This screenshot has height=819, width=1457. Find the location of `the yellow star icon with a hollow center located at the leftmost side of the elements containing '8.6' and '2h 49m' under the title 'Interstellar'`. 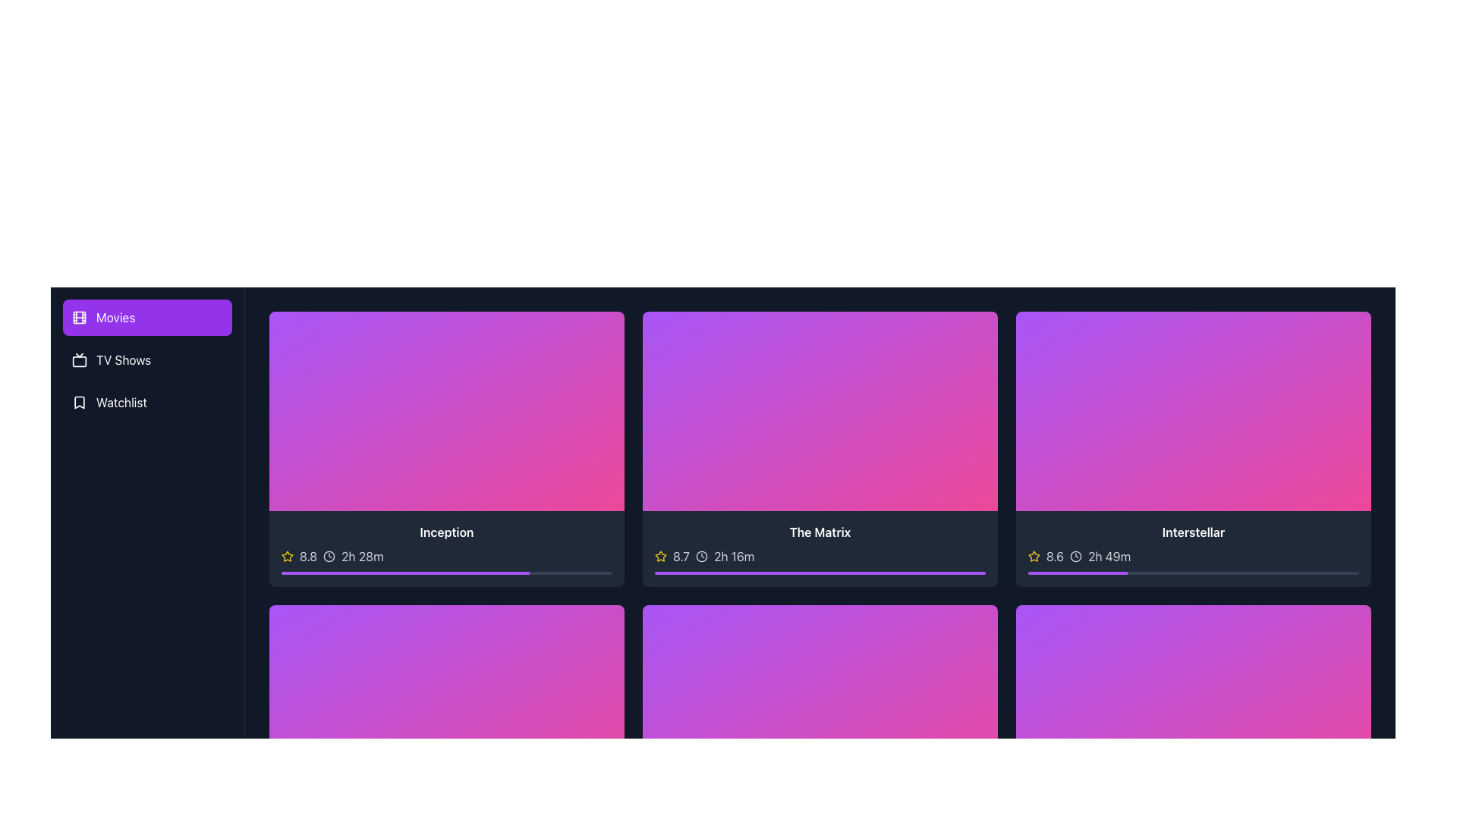

the yellow star icon with a hollow center located at the leftmost side of the elements containing '8.6' and '2h 49m' under the title 'Interstellar' is located at coordinates (1034, 556).